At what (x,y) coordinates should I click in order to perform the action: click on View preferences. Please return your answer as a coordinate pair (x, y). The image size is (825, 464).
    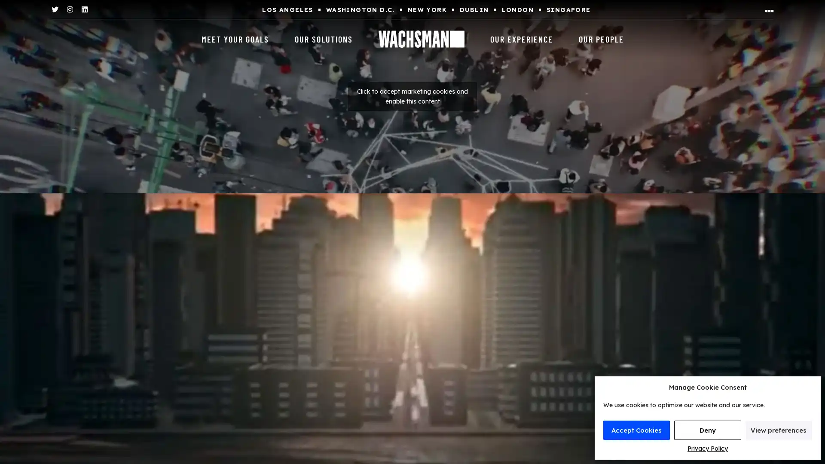
    Looking at the image, I should click on (778, 430).